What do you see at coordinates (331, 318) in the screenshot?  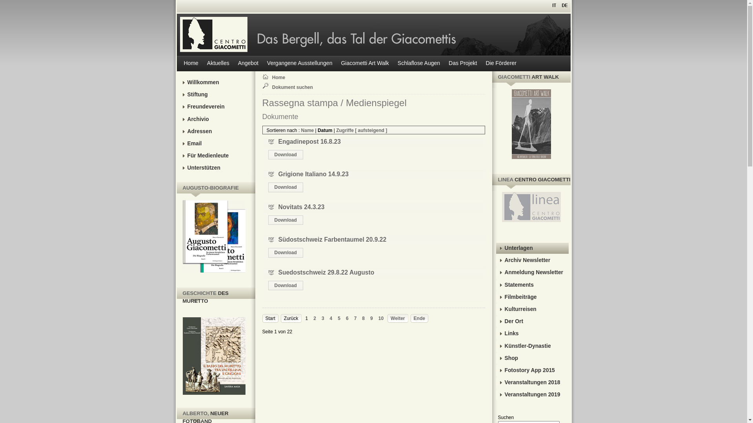 I see `'4'` at bounding box center [331, 318].